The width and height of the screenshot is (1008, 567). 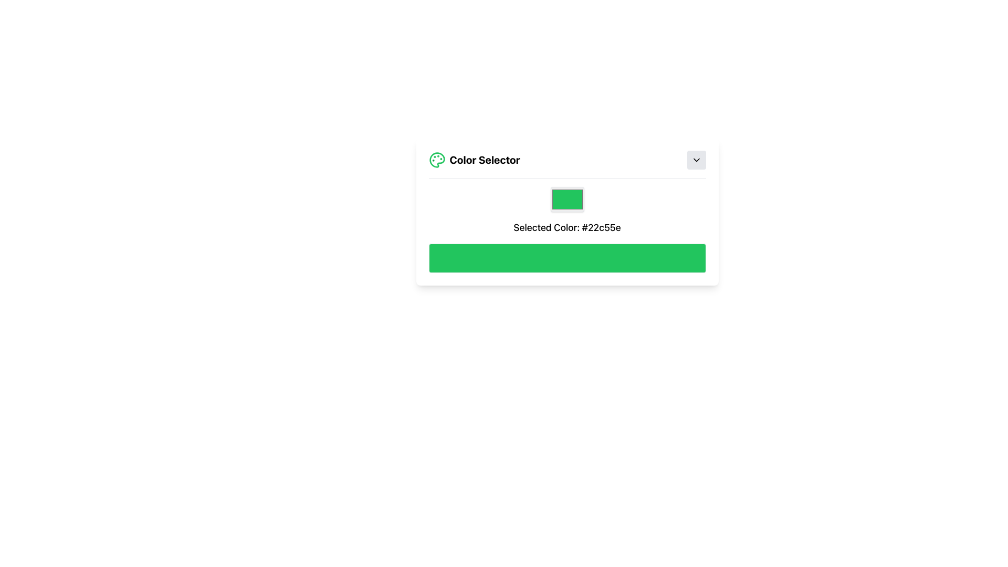 What do you see at coordinates (437, 160) in the screenshot?
I see `the color selection icon located as the leftmost component of the header section within the color selector panel` at bounding box center [437, 160].